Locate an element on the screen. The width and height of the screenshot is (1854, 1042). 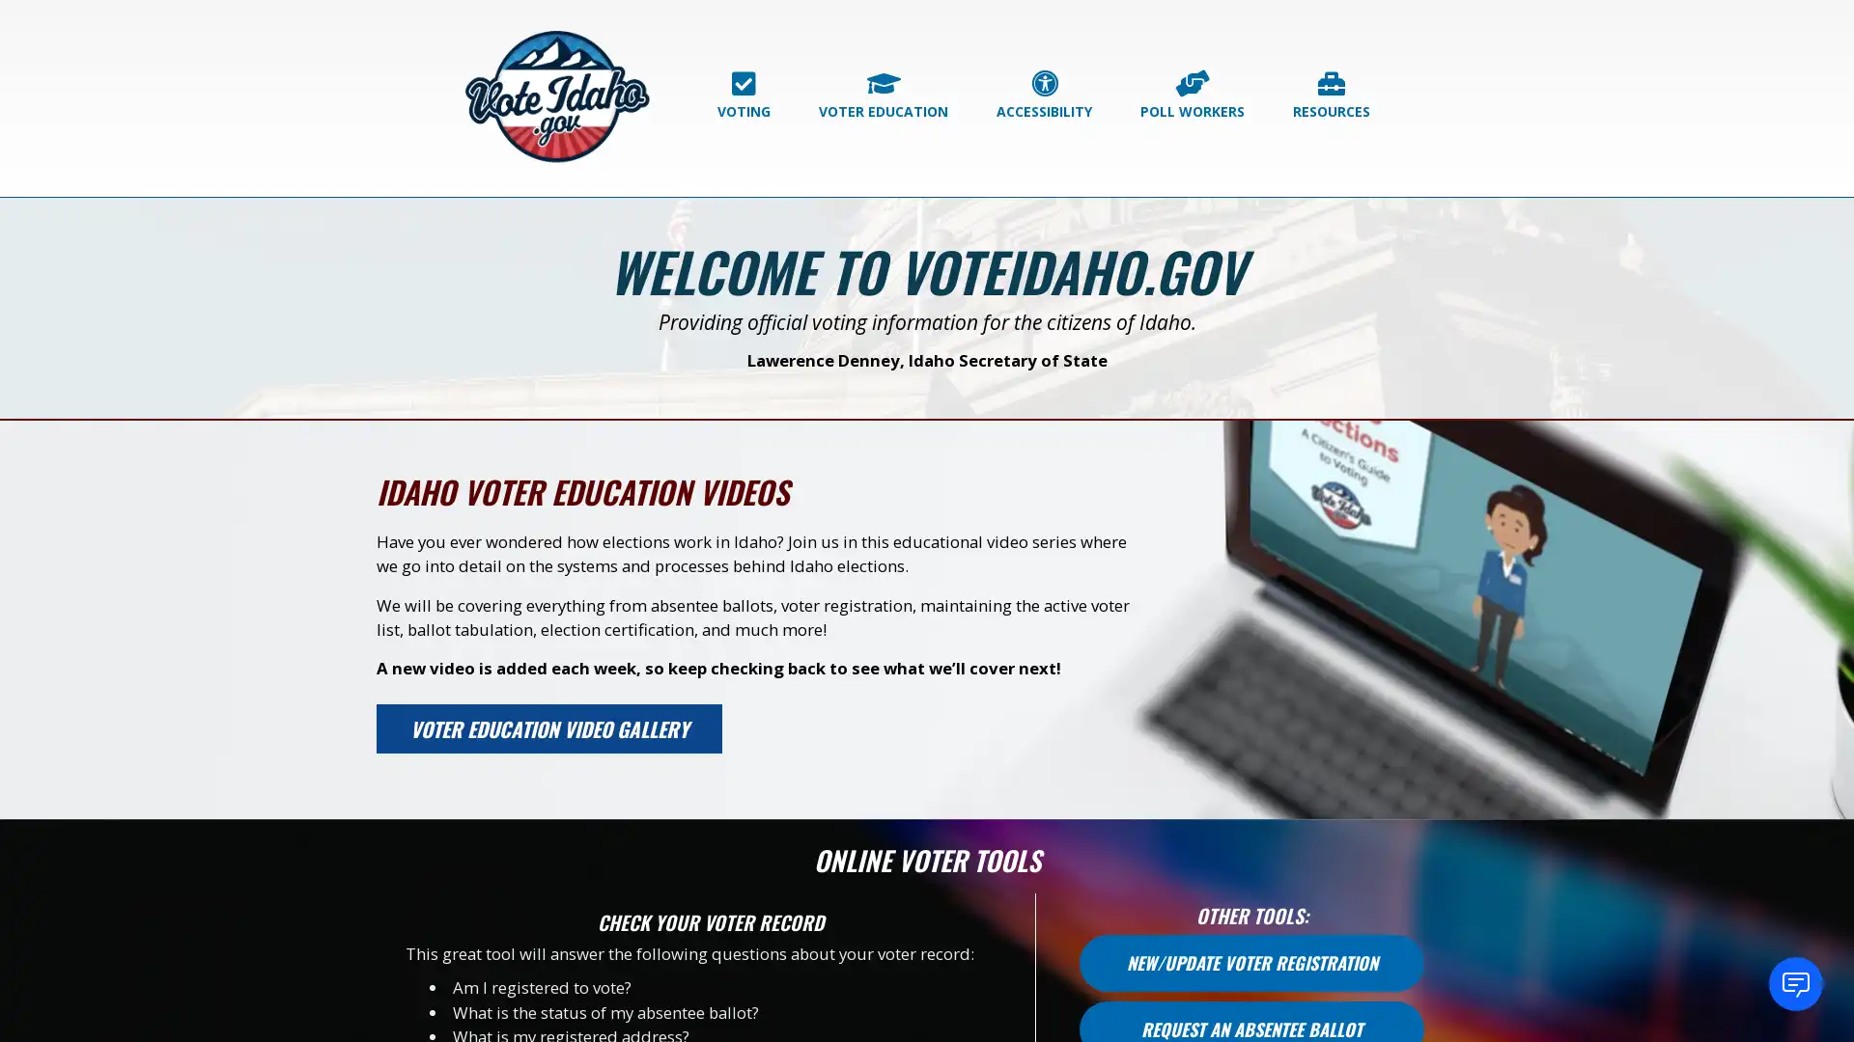
NEW/UPDATE VOTER REGISTRATION is located at coordinates (1251, 963).